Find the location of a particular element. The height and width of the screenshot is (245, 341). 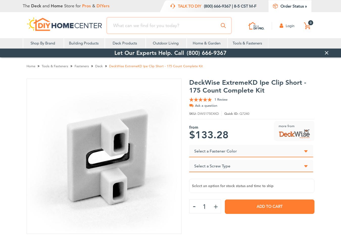

'Fasteners' is located at coordinates (81, 65).